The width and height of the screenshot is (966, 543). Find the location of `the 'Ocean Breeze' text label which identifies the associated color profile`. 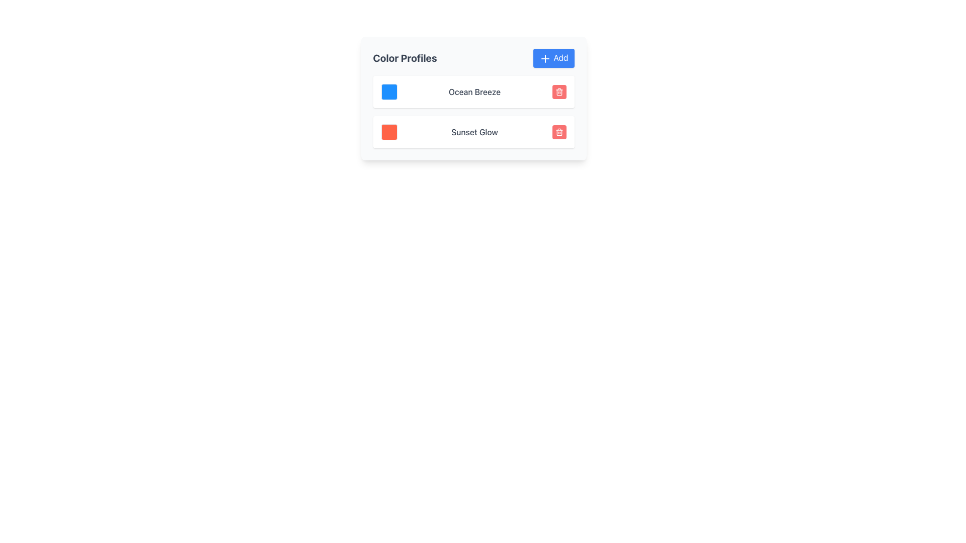

the 'Ocean Breeze' text label which identifies the associated color profile is located at coordinates (474, 92).